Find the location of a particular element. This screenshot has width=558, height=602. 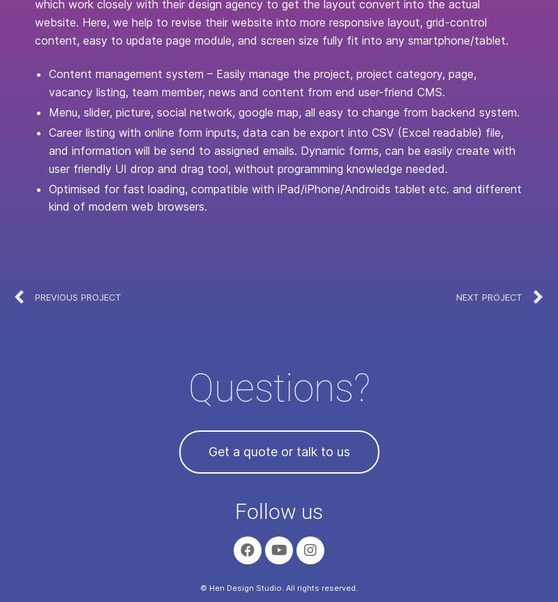

'© Hen Design Studio. All rights reserved.' is located at coordinates (279, 587).